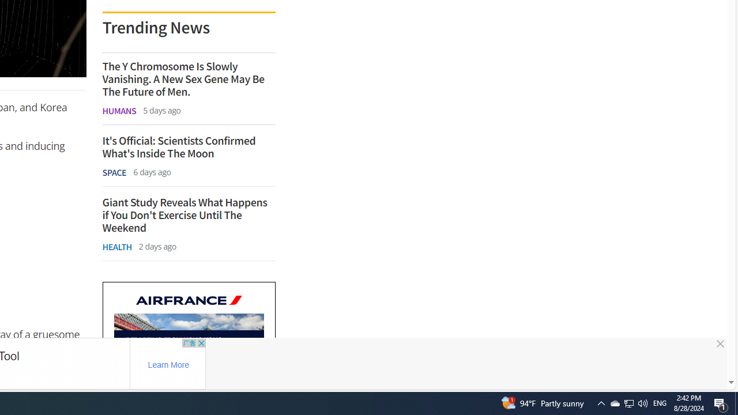  What do you see at coordinates (116, 246) in the screenshot?
I see `'HEALTH'` at bounding box center [116, 246].